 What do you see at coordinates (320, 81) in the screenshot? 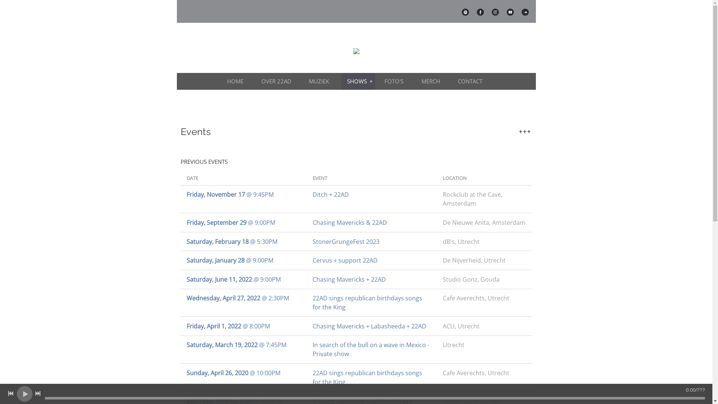
I see `'MUZIEK'` at bounding box center [320, 81].